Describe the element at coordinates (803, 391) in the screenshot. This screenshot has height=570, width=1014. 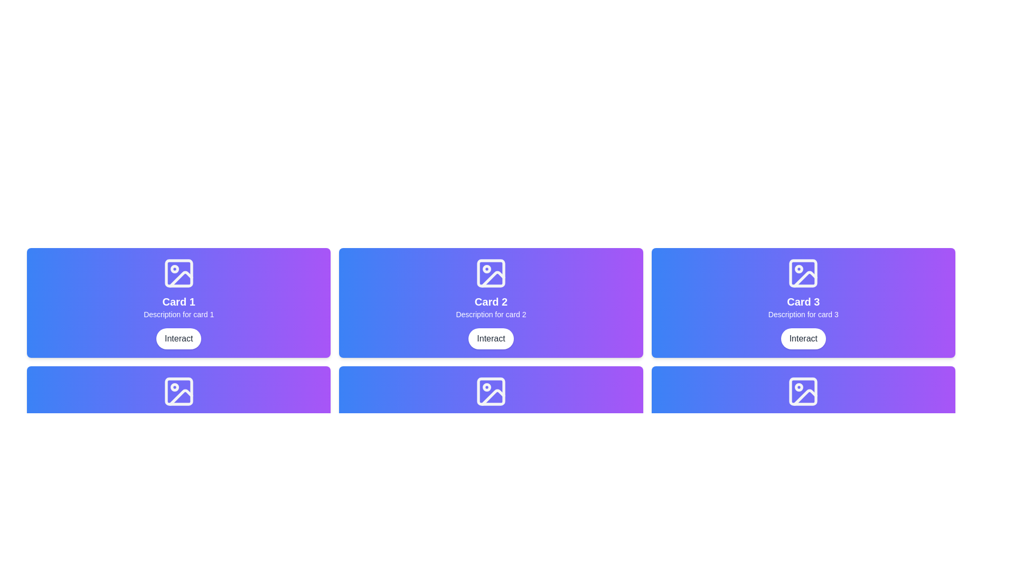
I see `the graphical icon with a border and circular dot located at the top-center of 'Card 6' which is in the bottom row, third from the left` at that location.